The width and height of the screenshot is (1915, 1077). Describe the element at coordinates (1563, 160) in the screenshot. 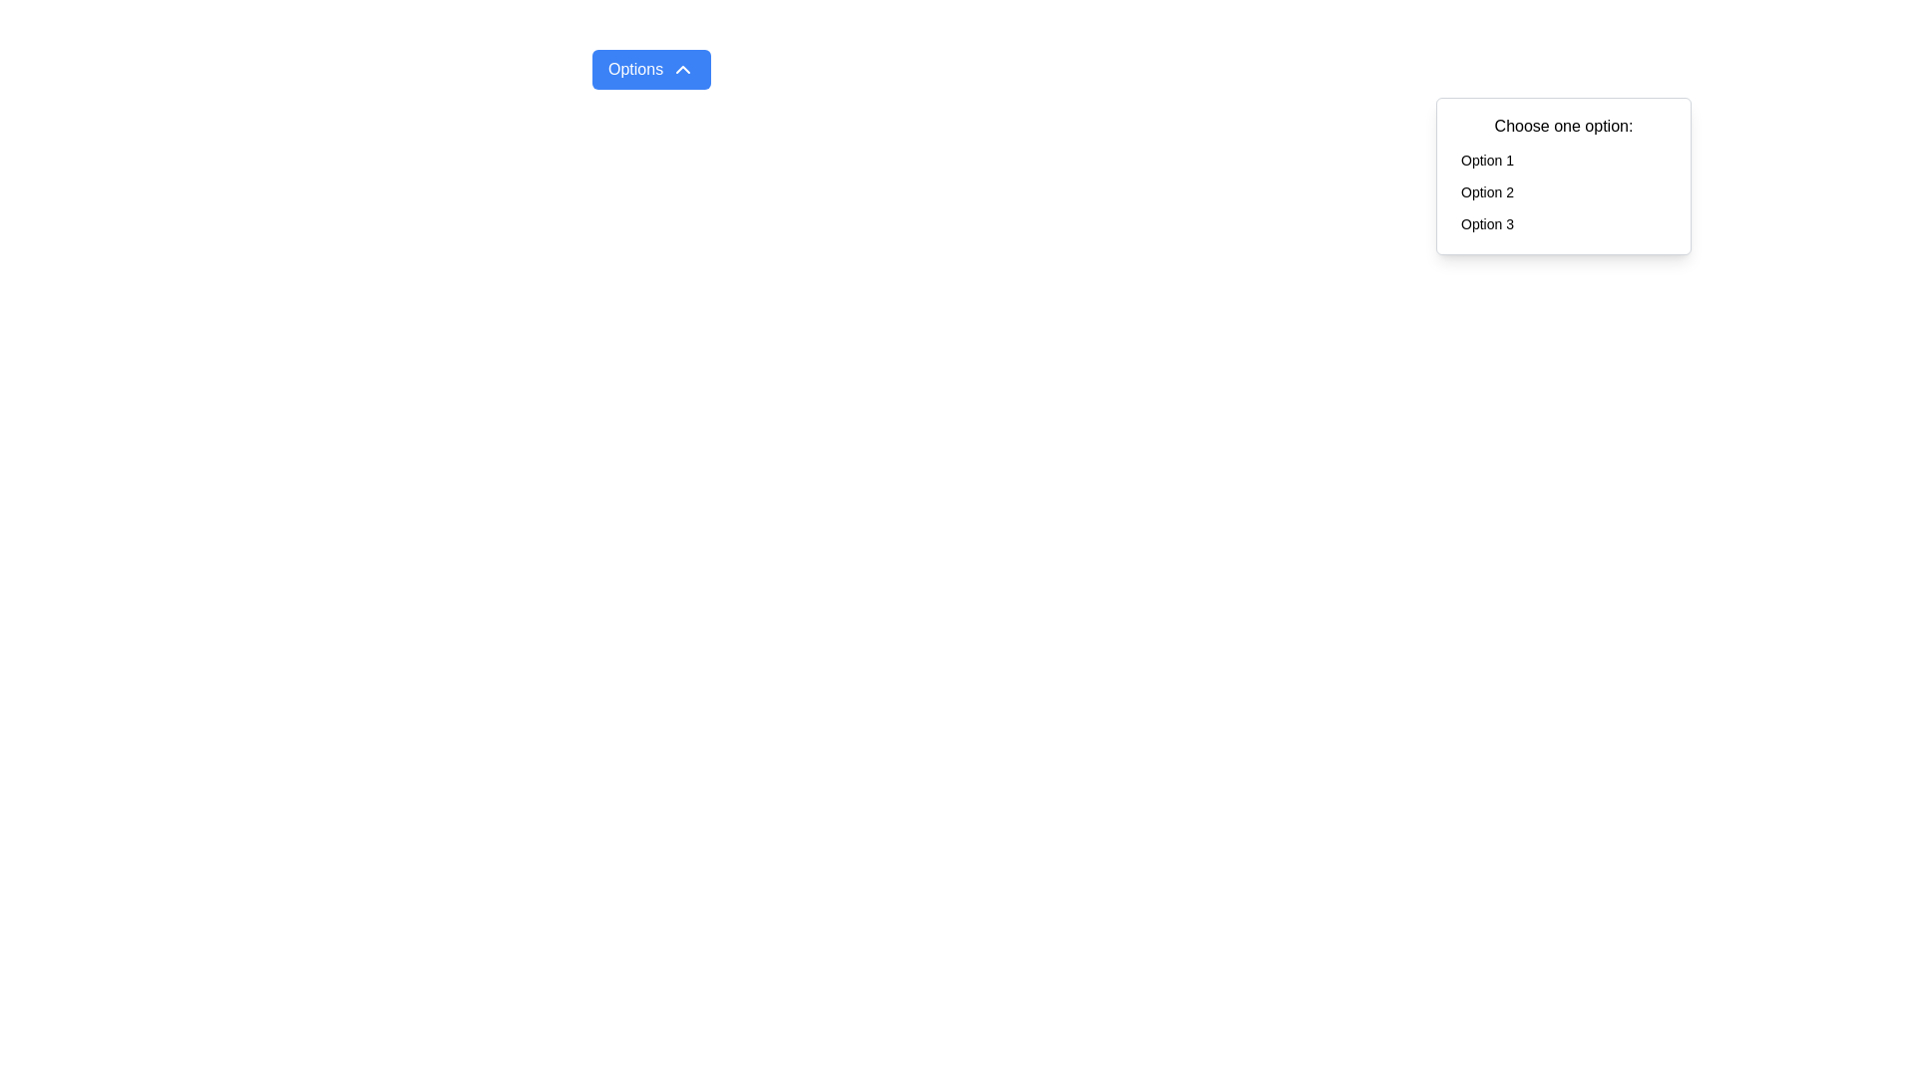

I see `the button labeled 'Option 1' located in the drop-down menu` at that location.